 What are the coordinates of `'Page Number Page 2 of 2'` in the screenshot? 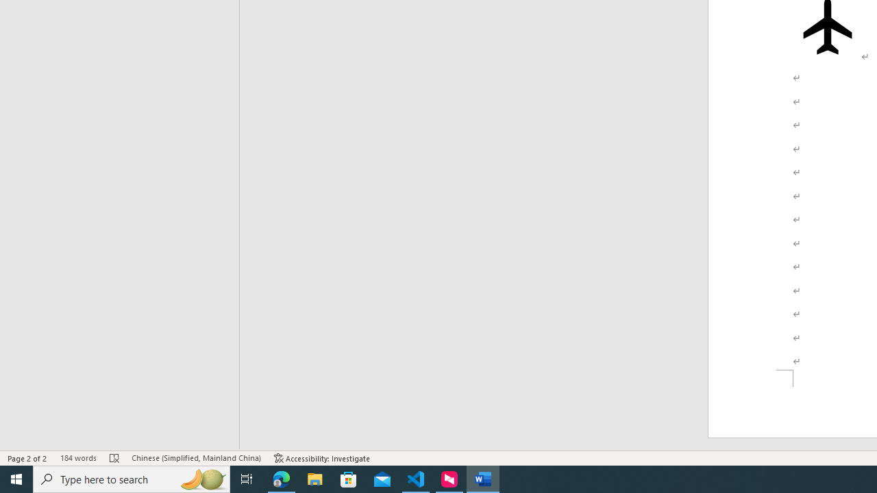 It's located at (27, 458).